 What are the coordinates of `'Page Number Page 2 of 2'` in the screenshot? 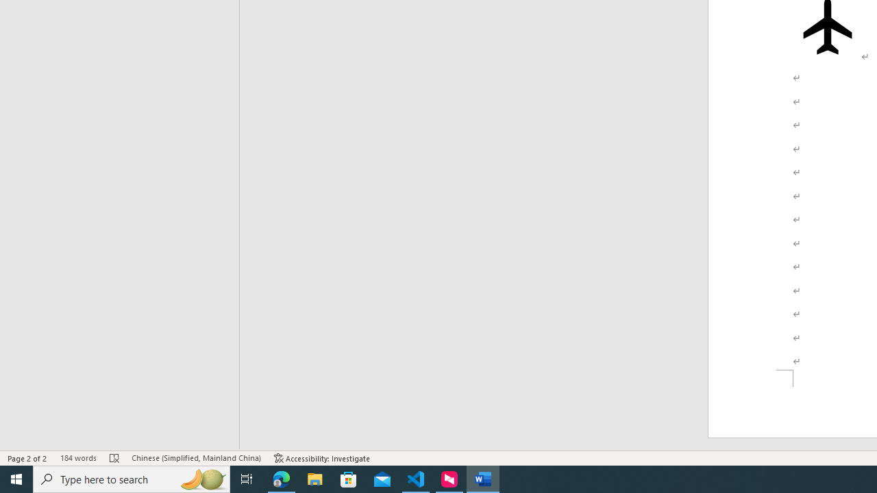 It's located at (27, 458).